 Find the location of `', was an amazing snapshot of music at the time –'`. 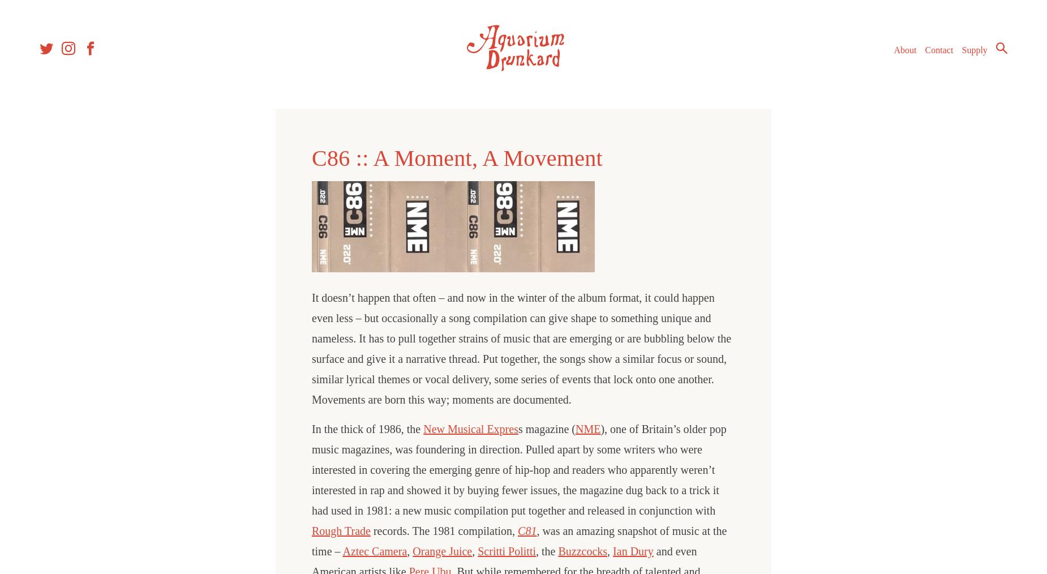

', was an amazing snapshot of music at the time –' is located at coordinates (519, 541).